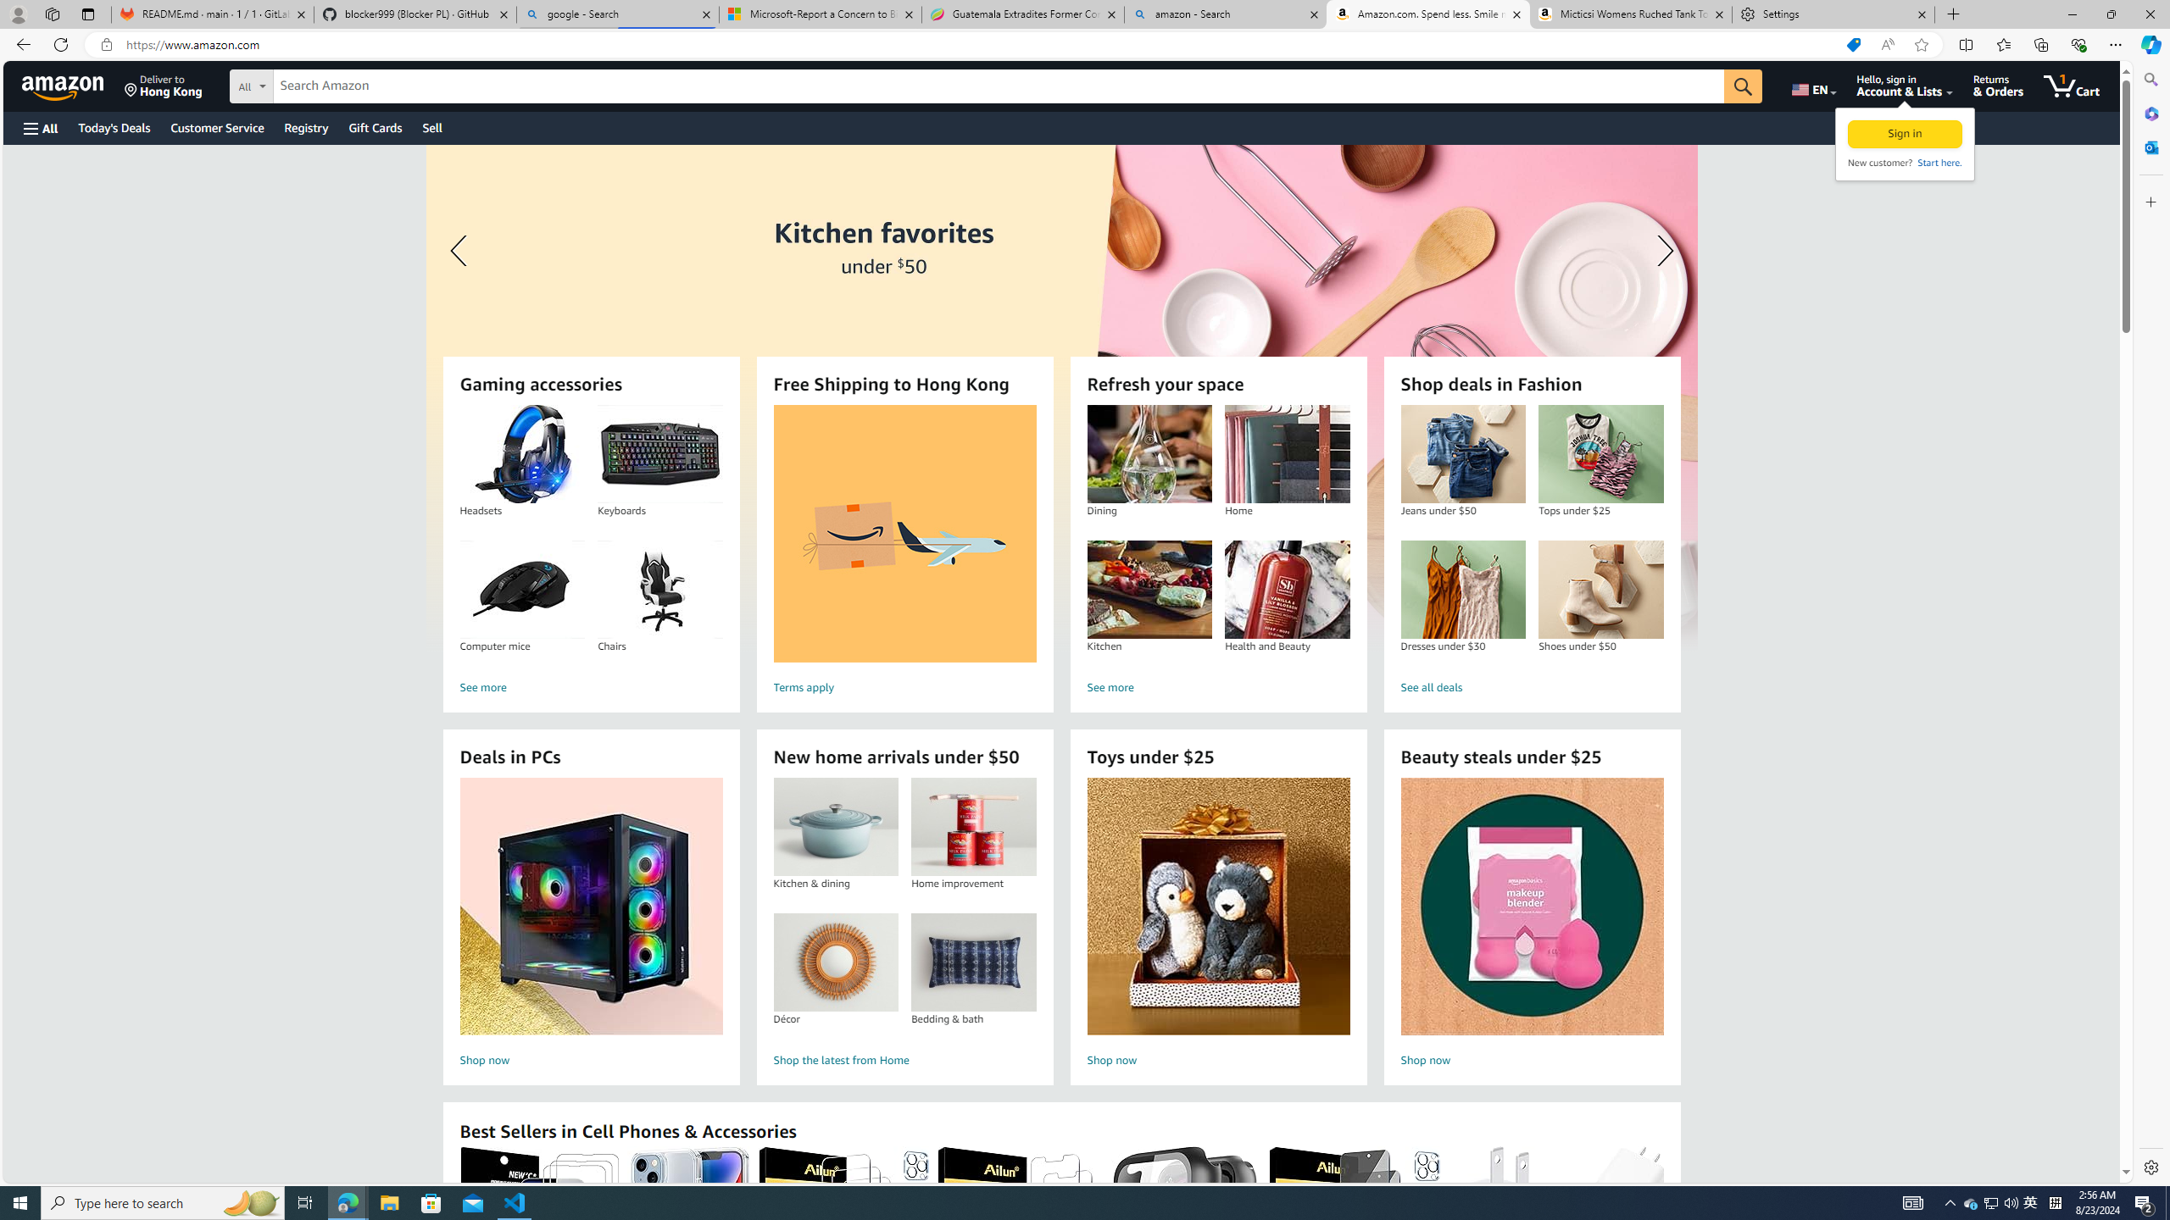 The image size is (2170, 1220). Describe the element at coordinates (20, 43) in the screenshot. I see `'Back'` at that location.